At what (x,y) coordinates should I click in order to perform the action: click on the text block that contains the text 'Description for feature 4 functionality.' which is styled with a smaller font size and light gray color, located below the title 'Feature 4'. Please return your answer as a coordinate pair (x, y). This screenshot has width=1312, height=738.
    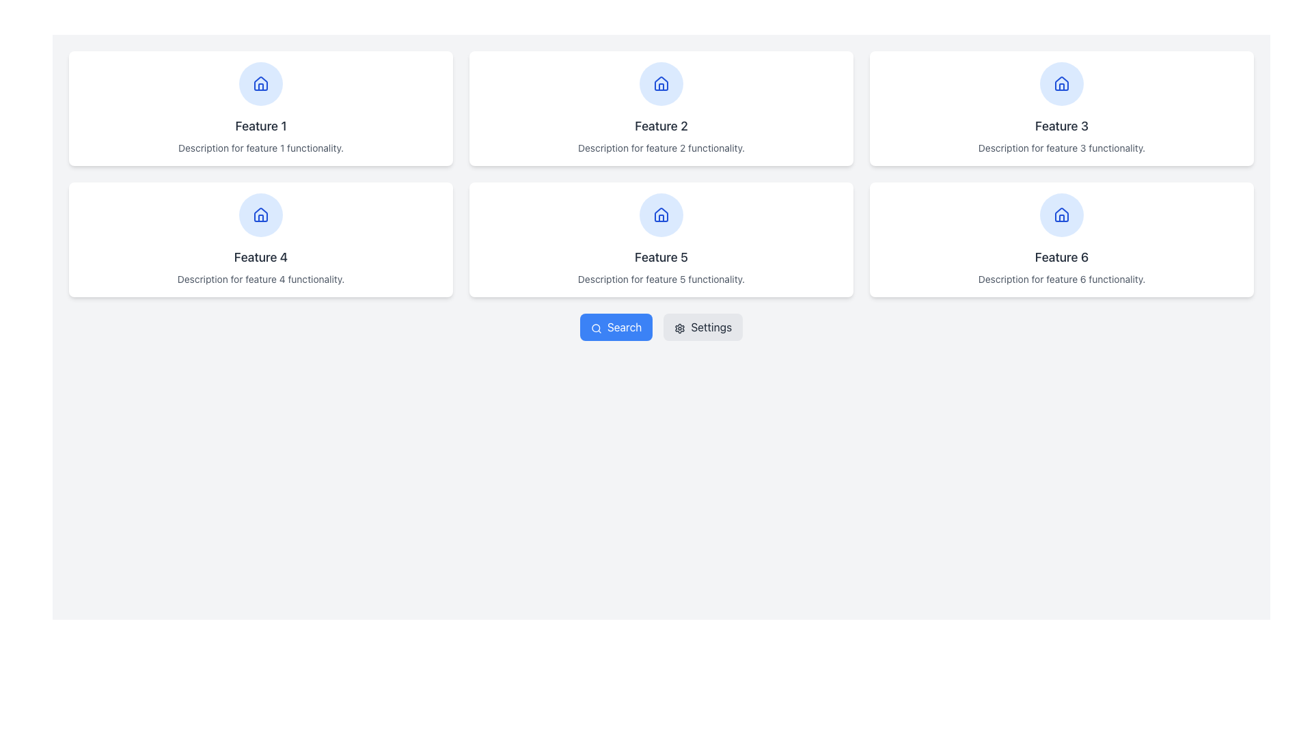
    Looking at the image, I should click on (261, 278).